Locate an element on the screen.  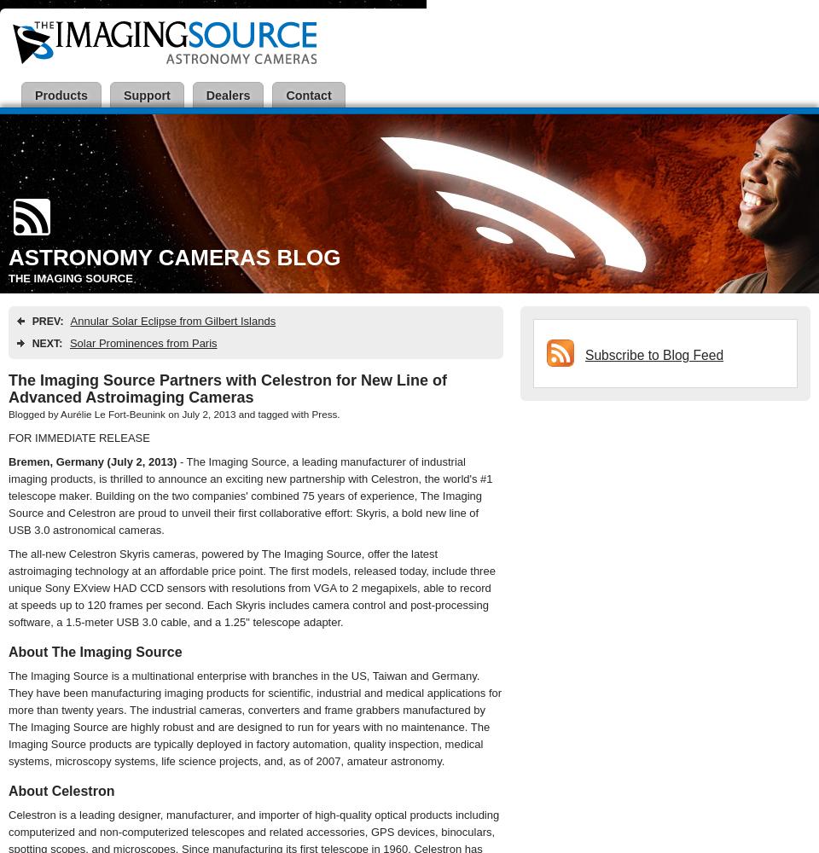
'Aurélie Le Fort-Beunink' is located at coordinates (112, 413).